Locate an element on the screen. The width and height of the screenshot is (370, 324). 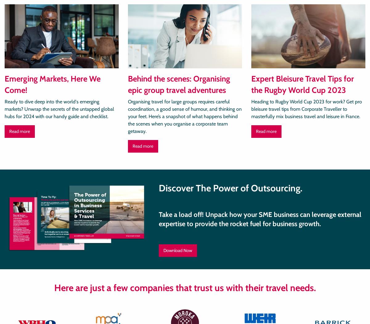
'Here are just a few companies that trust us with their travel needs.' is located at coordinates (53, 287).